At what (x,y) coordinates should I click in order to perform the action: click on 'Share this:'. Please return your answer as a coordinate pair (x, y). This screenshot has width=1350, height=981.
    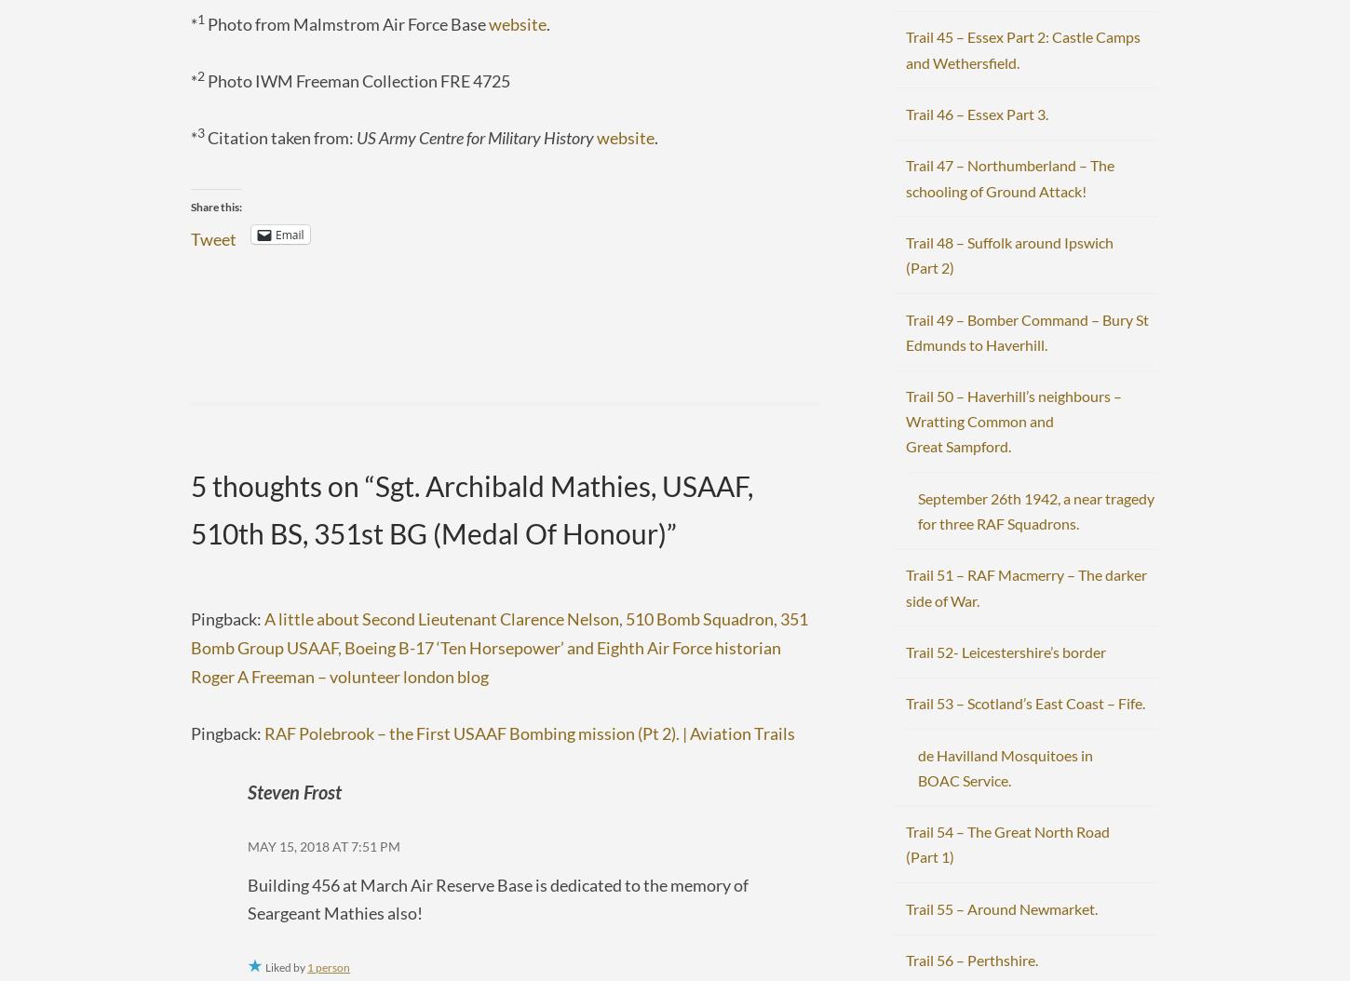
    Looking at the image, I should click on (215, 207).